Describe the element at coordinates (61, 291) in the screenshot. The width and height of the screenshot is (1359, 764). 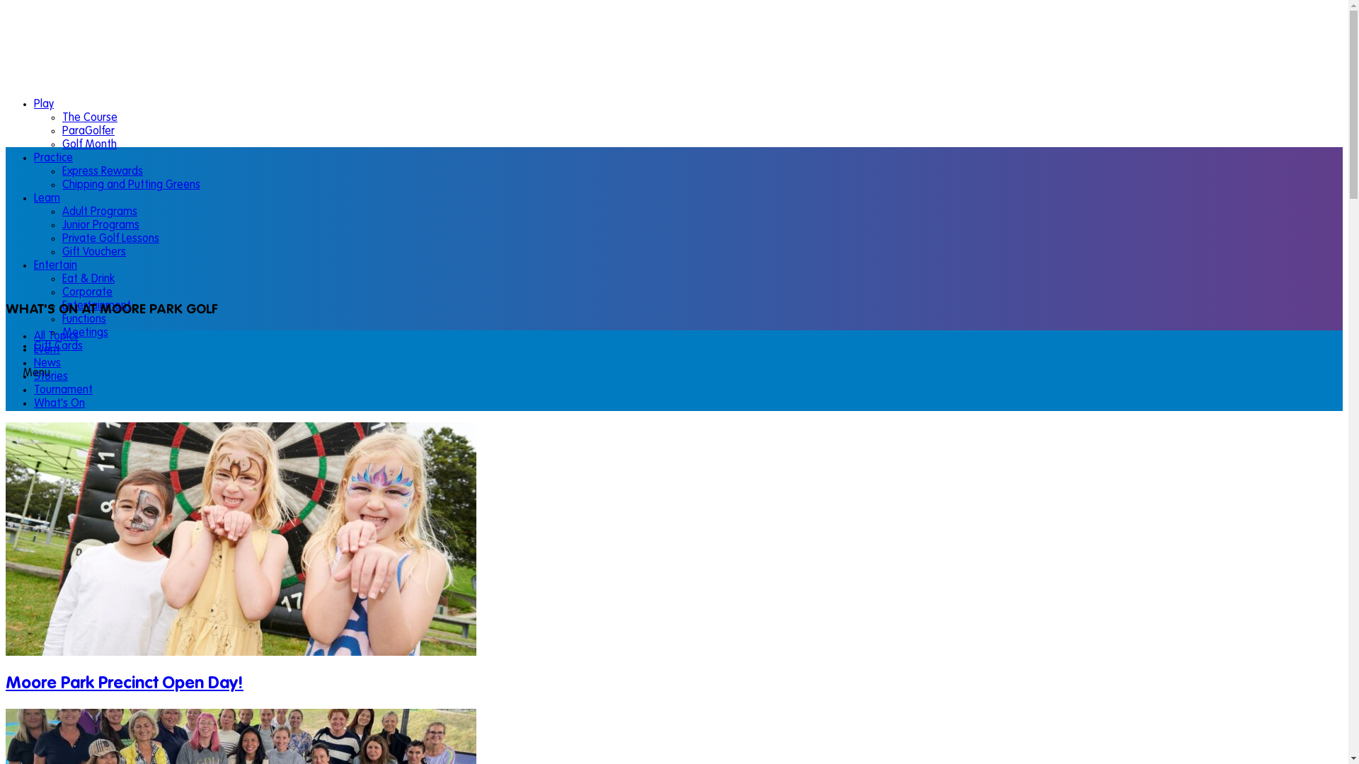
I see `'Corporate'` at that location.